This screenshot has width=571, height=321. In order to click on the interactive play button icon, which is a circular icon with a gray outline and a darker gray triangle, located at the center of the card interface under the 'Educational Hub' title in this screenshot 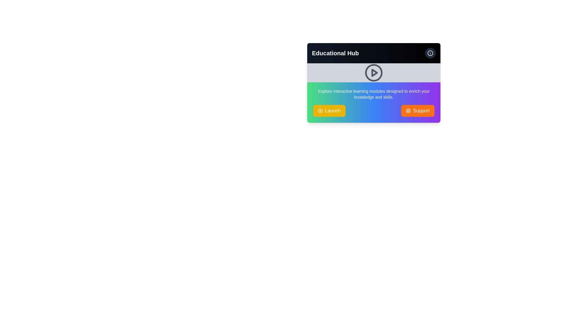, I will do `click(374, 73)`.